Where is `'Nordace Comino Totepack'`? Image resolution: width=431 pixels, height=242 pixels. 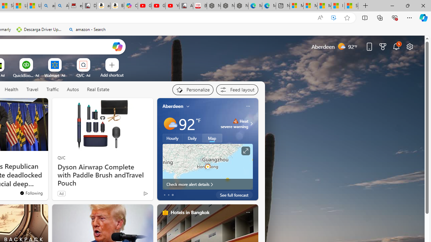 'Nordace Comino Totepack' is located at coordinates (213, 6).